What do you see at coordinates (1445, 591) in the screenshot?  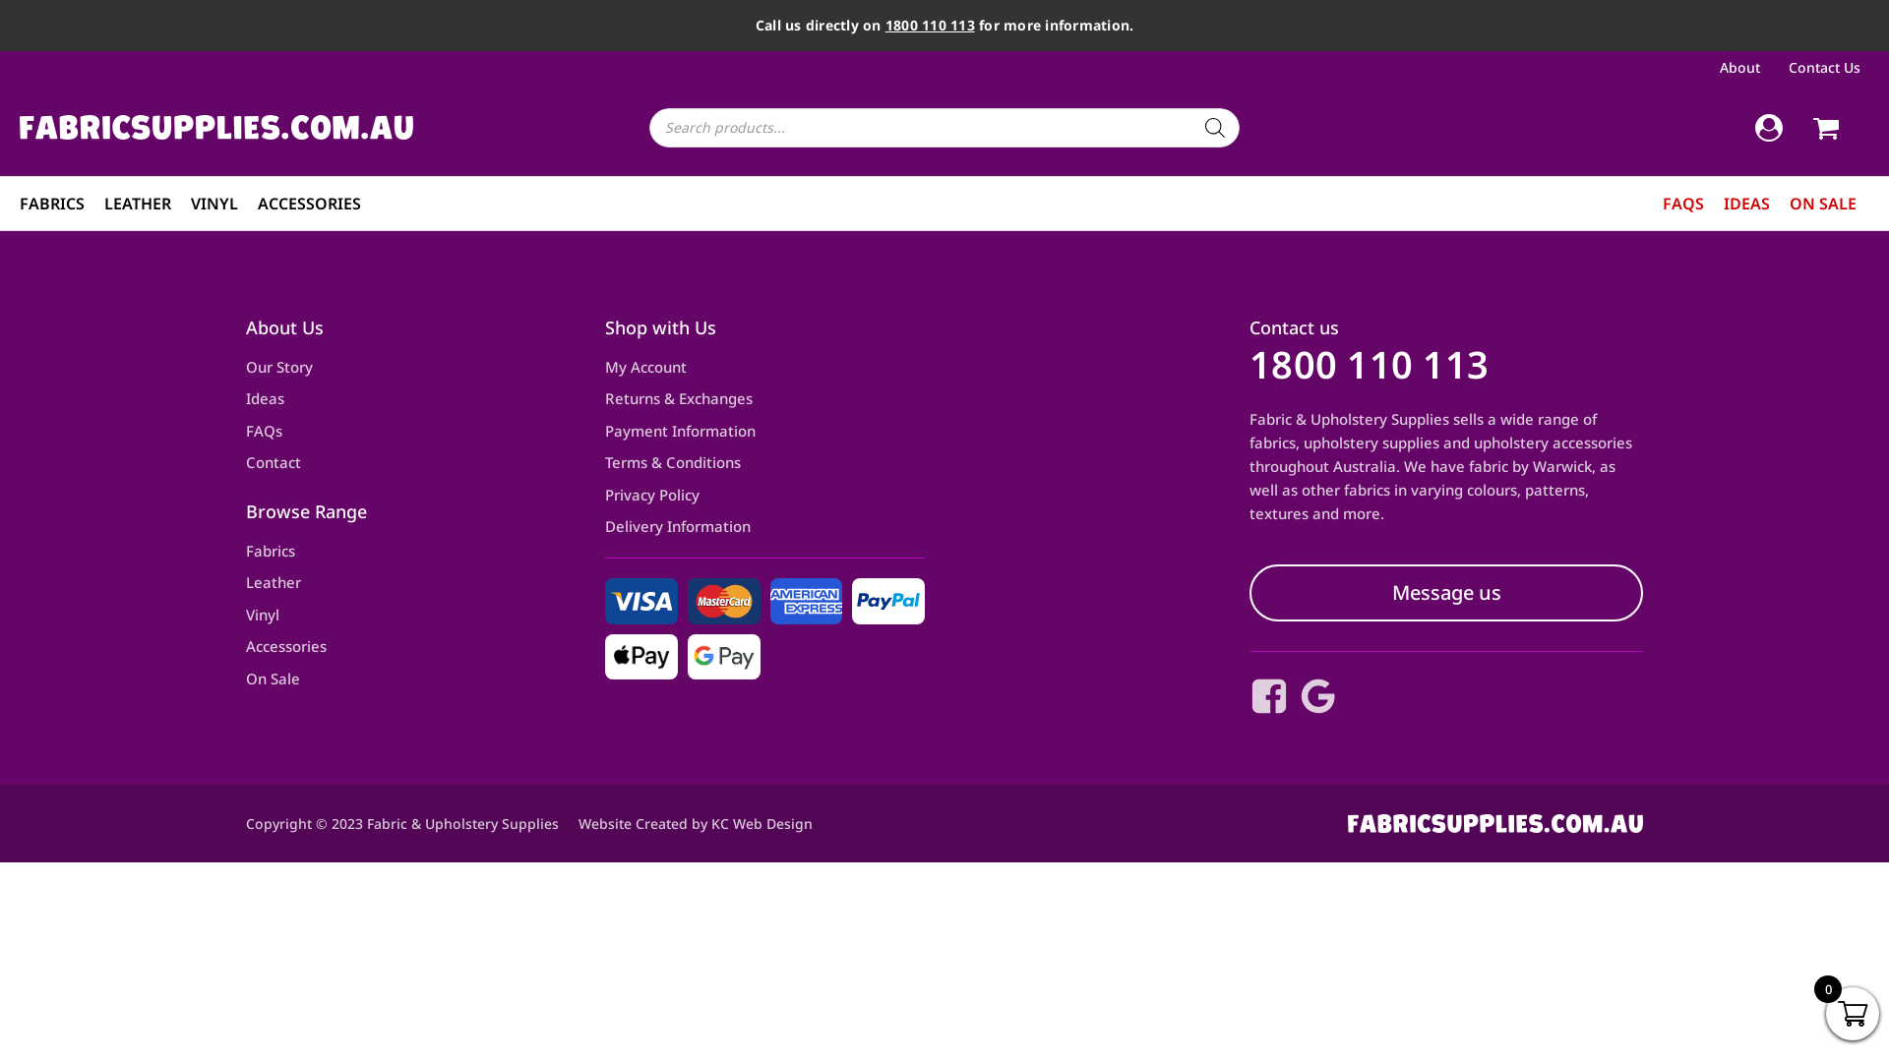 I see `'Message us'` at bounding box center [1445, 591].